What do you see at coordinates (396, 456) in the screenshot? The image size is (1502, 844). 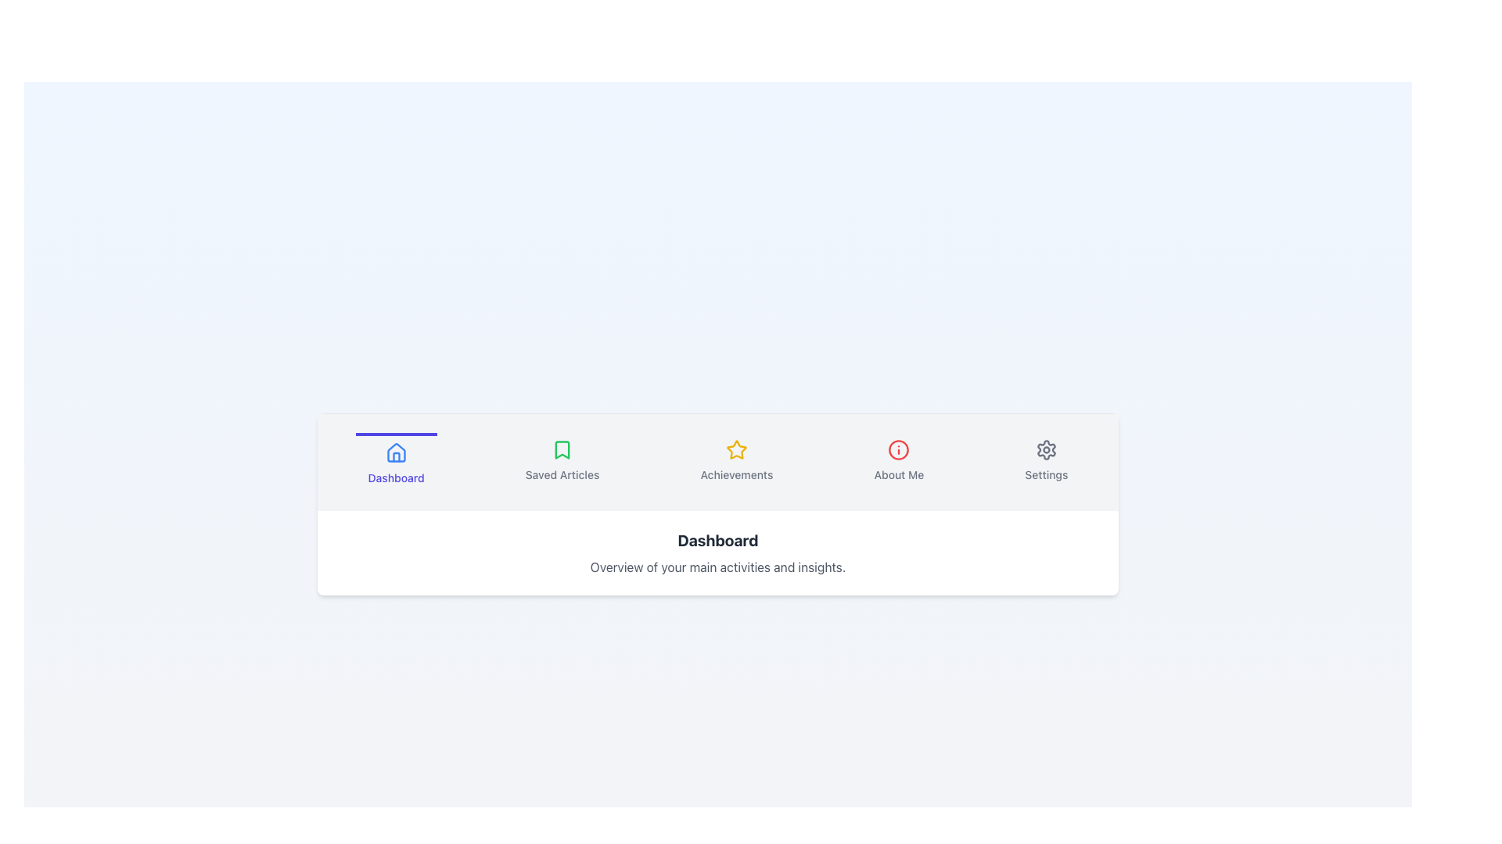 I see `the decorative icon that serves as a visual identifier for the 'Dashboard' section in the navigation menu, located at the center of the leftmost navigation item in the top navigation bar` at bounding box center [396, 456].